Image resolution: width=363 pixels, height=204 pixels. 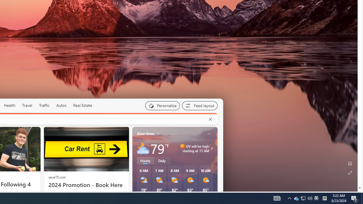 I want to click on 'Health', so click(x=10, y=105).